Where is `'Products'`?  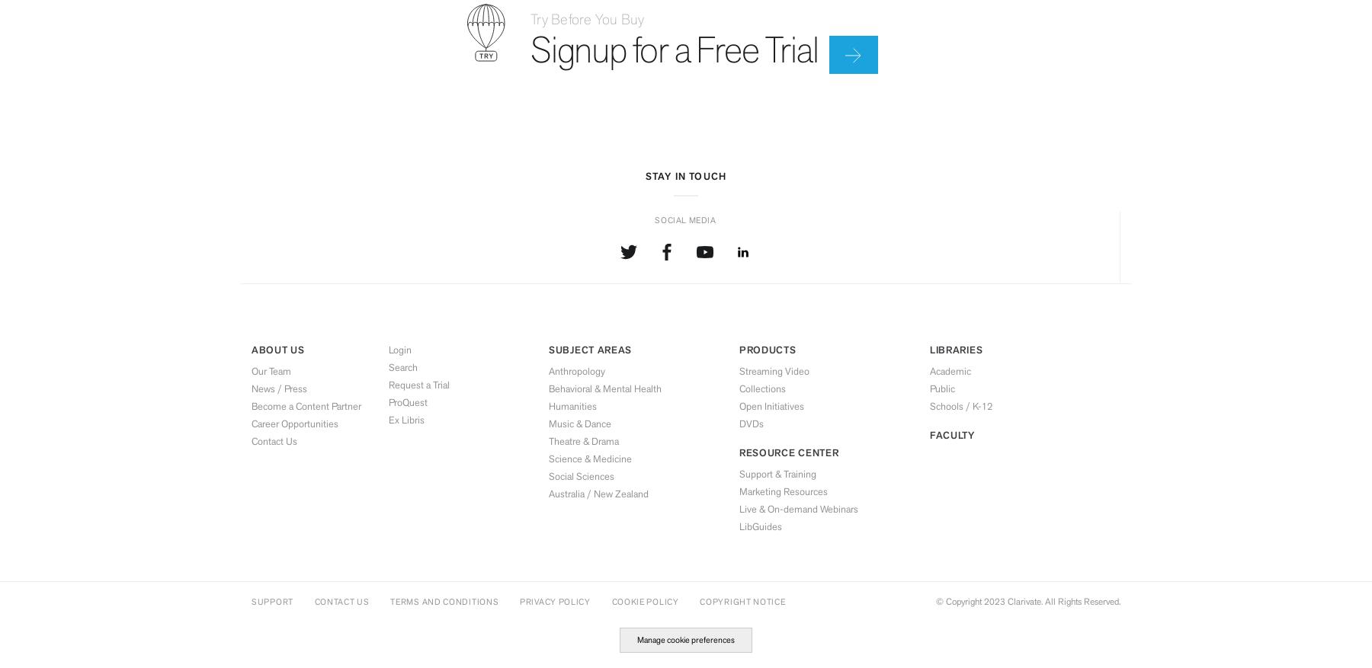
'Products' is located at coordinates (766, 349).